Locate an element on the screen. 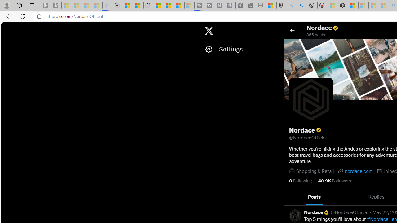 Image resolution: width=397 pixels, height=223 pixels. '@NordaceOfficial' is located at coordinates (350, 212).